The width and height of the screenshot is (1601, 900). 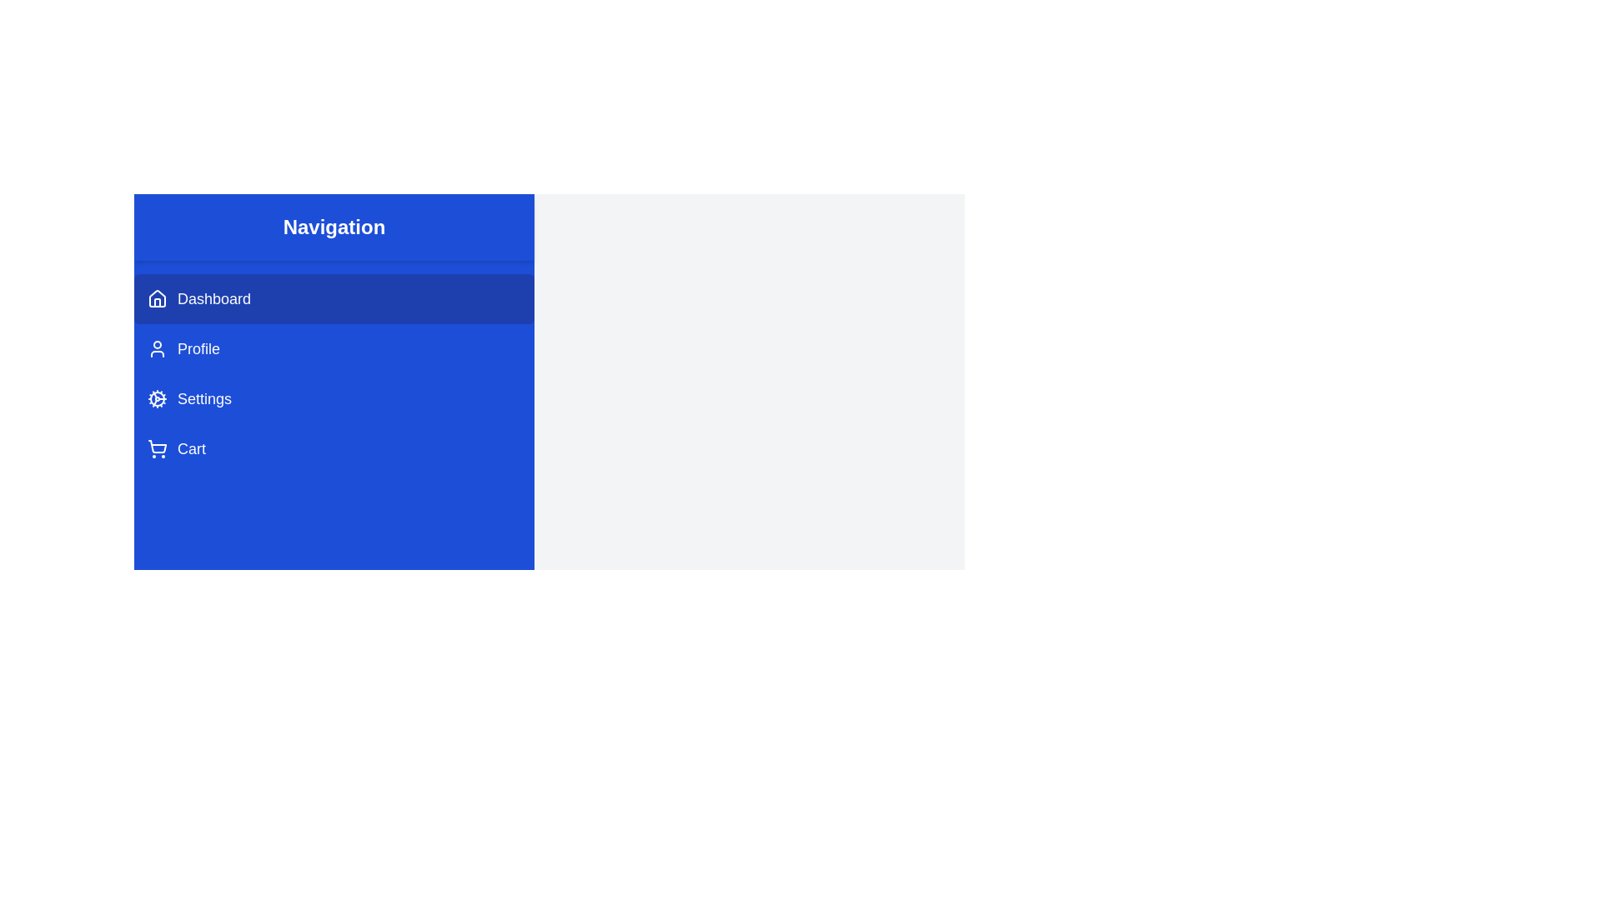 What do you see at coordinates (157, 302) in the screenshot?
I see `the house icon located to the left of the 'Dashboard' text in the vertical navigation menu` at bounding box center [157, 302].